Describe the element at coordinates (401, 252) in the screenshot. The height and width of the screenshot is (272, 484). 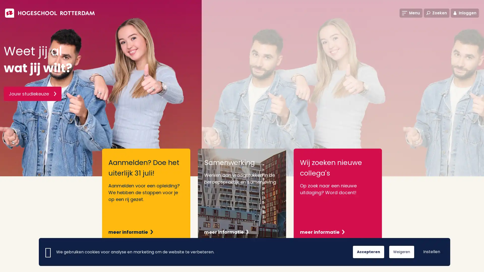
I see `Weigeren` at that location.